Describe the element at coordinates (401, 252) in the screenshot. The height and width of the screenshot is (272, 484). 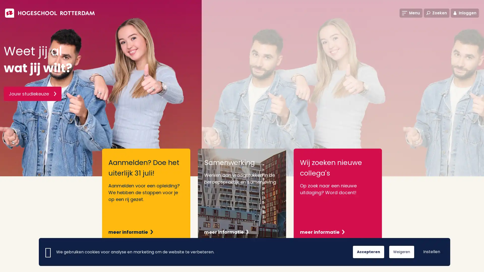
I see `Weigeren` at that location.